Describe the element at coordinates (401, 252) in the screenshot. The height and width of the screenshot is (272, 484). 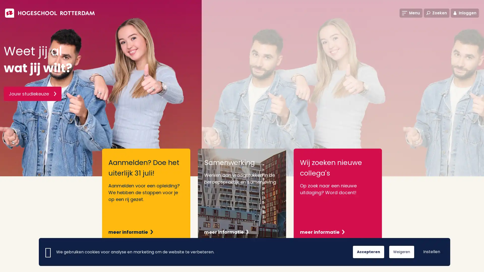
I see `Weigeren` at that location.